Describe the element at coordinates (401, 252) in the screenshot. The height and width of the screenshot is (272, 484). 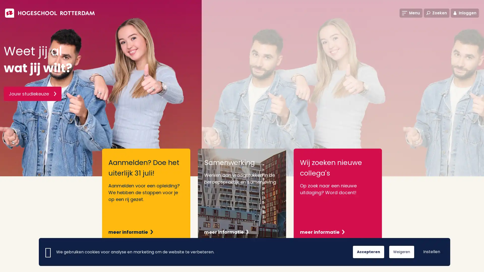
I see `Weigeren` at that location.